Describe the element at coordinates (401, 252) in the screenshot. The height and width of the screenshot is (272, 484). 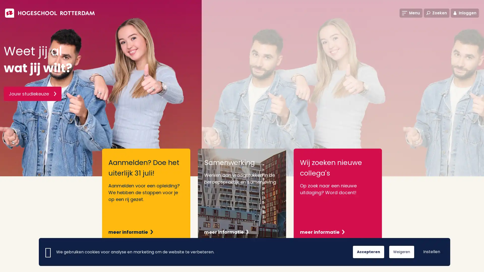
I see `Weigeren` at that location.